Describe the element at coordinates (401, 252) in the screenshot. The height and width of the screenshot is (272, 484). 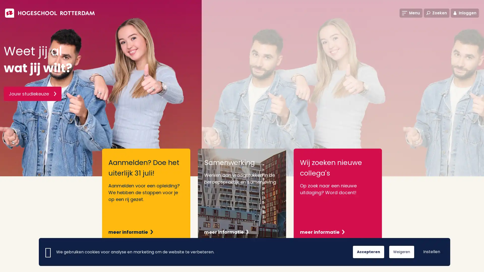
I see `Weigeren` at that location.